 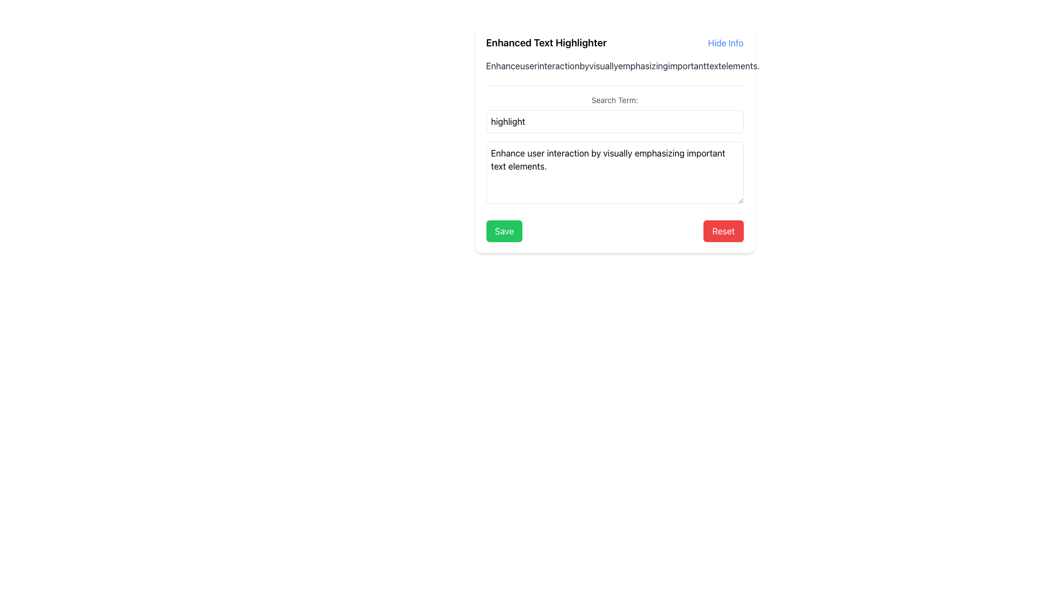 I want to click on the static text element containing the word 'visually', which is styled distinctively and positioned between 'by' and 'emphasizing' in the sentence, so click(x=603, y=65).